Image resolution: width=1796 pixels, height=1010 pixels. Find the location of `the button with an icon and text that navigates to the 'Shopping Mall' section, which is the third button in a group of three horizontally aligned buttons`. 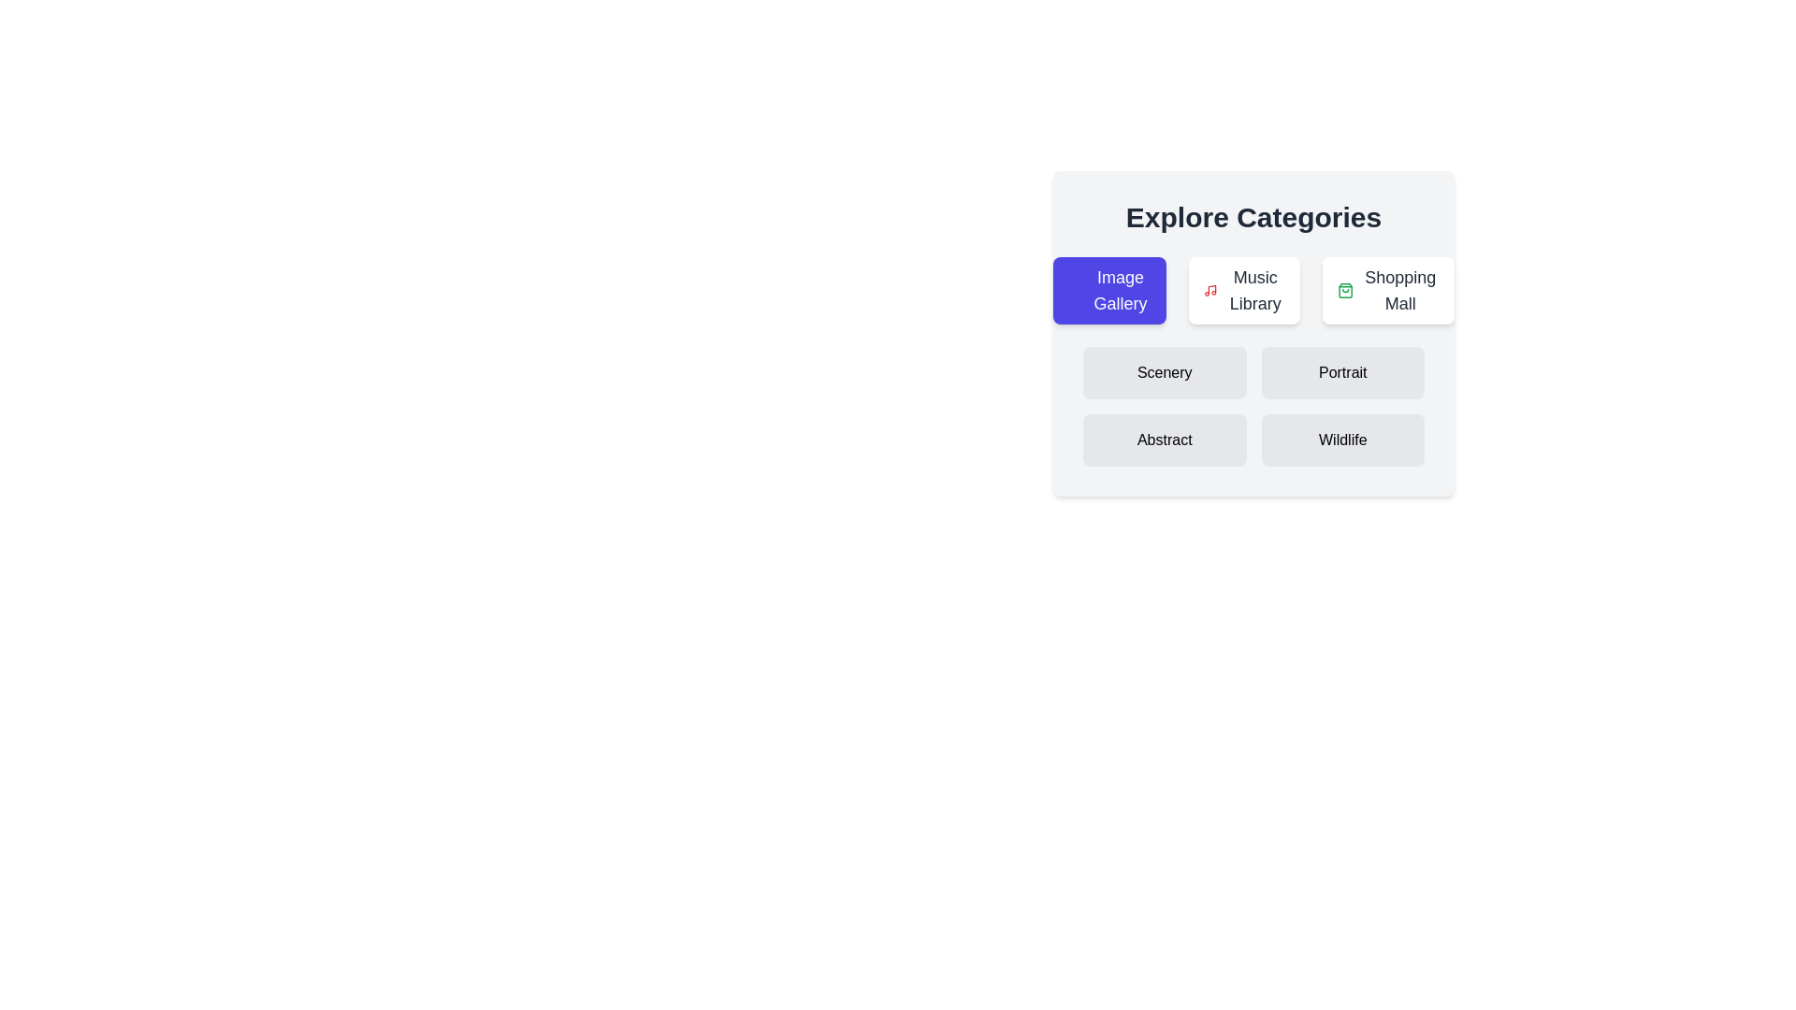

the button with an icon and text that navigates to the 'Shopping Mall' section, which is the third button in a group of three horizontally aligned buttons is located at coordinates (1387, 291).